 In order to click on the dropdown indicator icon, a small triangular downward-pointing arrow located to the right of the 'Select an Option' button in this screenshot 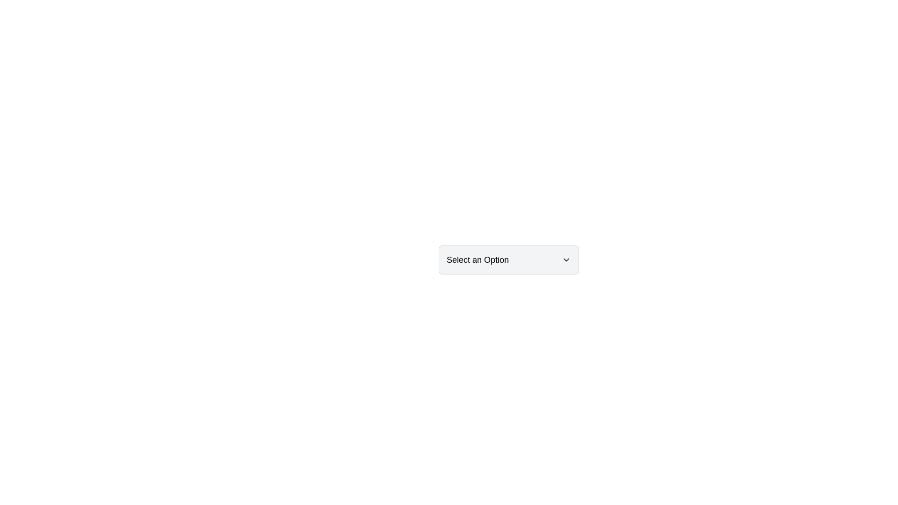, I will do `click(565, 260)`.